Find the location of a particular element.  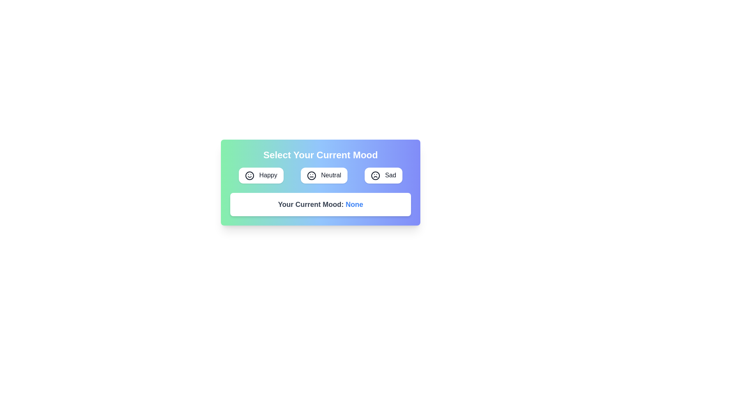

the 'Happy' button located in the top-left corner of the mood selection group to trigger a color change is located at coordinates (261, 175).